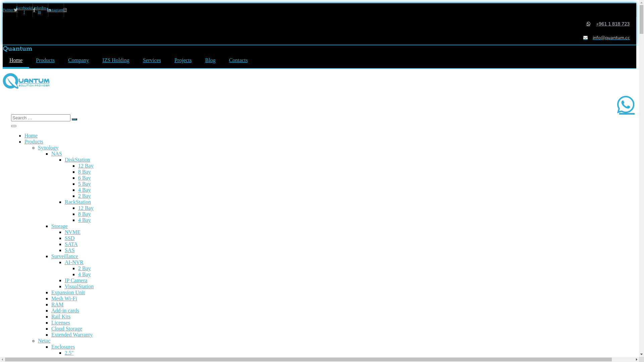  Describe the element at coordinates (44, 341) in the screenshot. I see `'Netac'` at that location.